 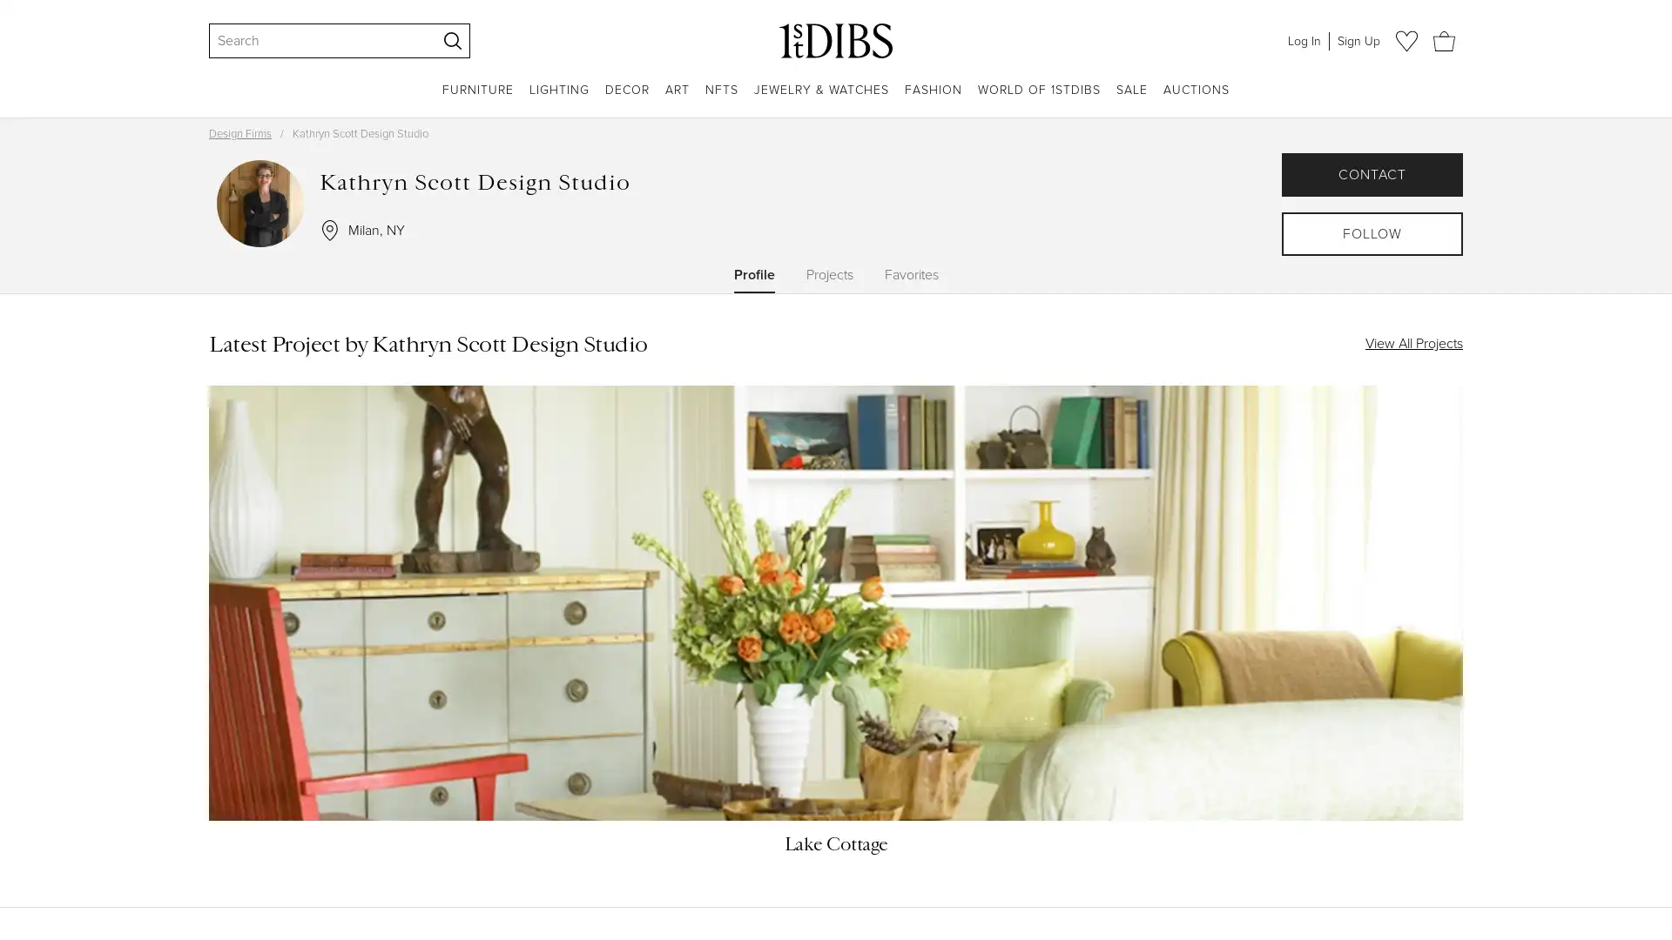 I want to click on View All Projects, so click(x=1413, y=343).